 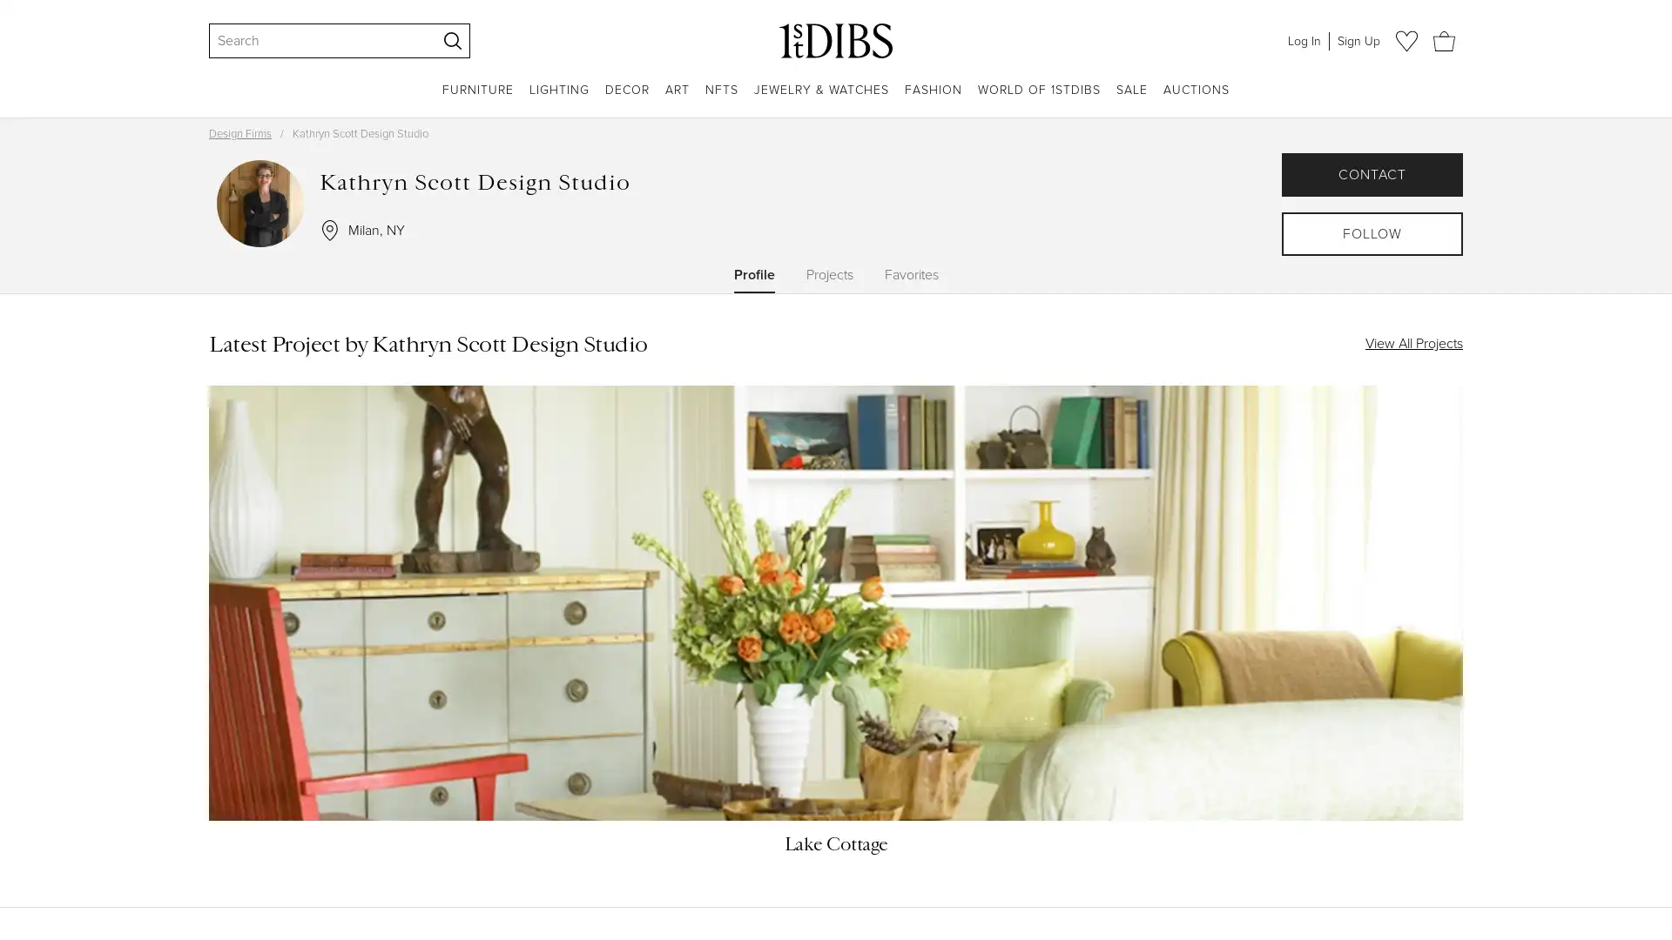 I want to click on View All Projects, so click(x=1413, y=343).